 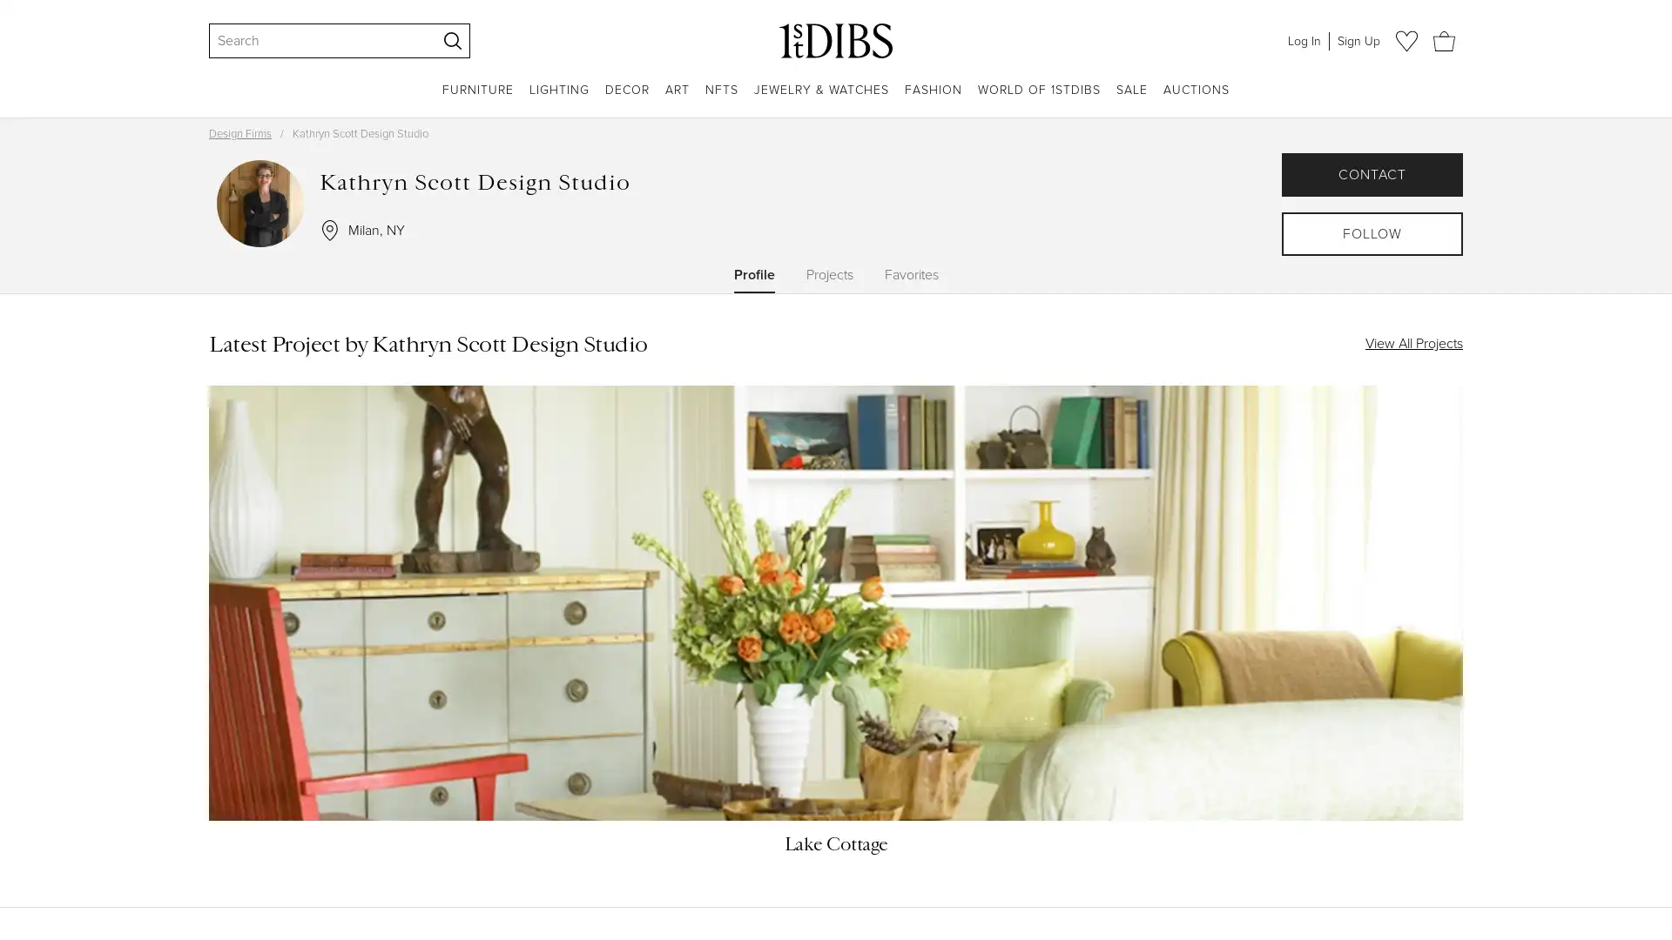 I want to click on View All Projects, so click(x=1413, y=343).